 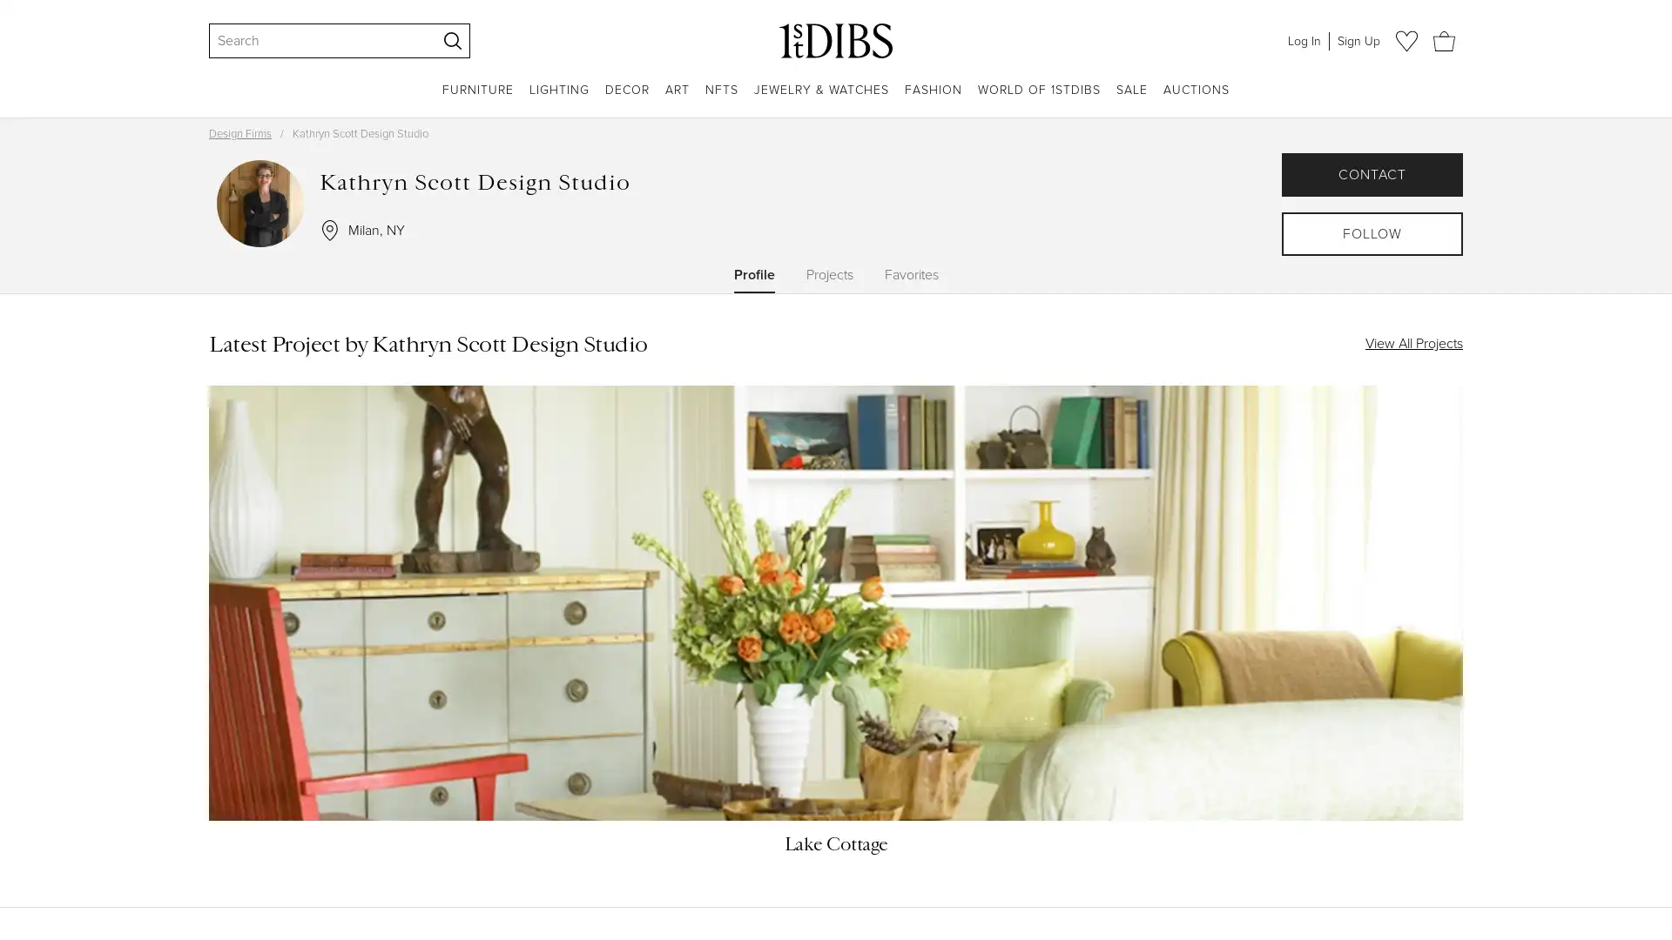 I want to click on View All Projects, so click(x=1413, y=343).